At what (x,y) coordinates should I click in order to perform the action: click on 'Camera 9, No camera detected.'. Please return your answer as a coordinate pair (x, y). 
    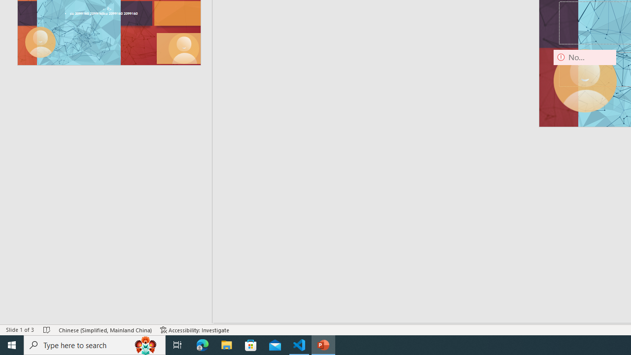
    Looking at the image, I should click on (585, 80).